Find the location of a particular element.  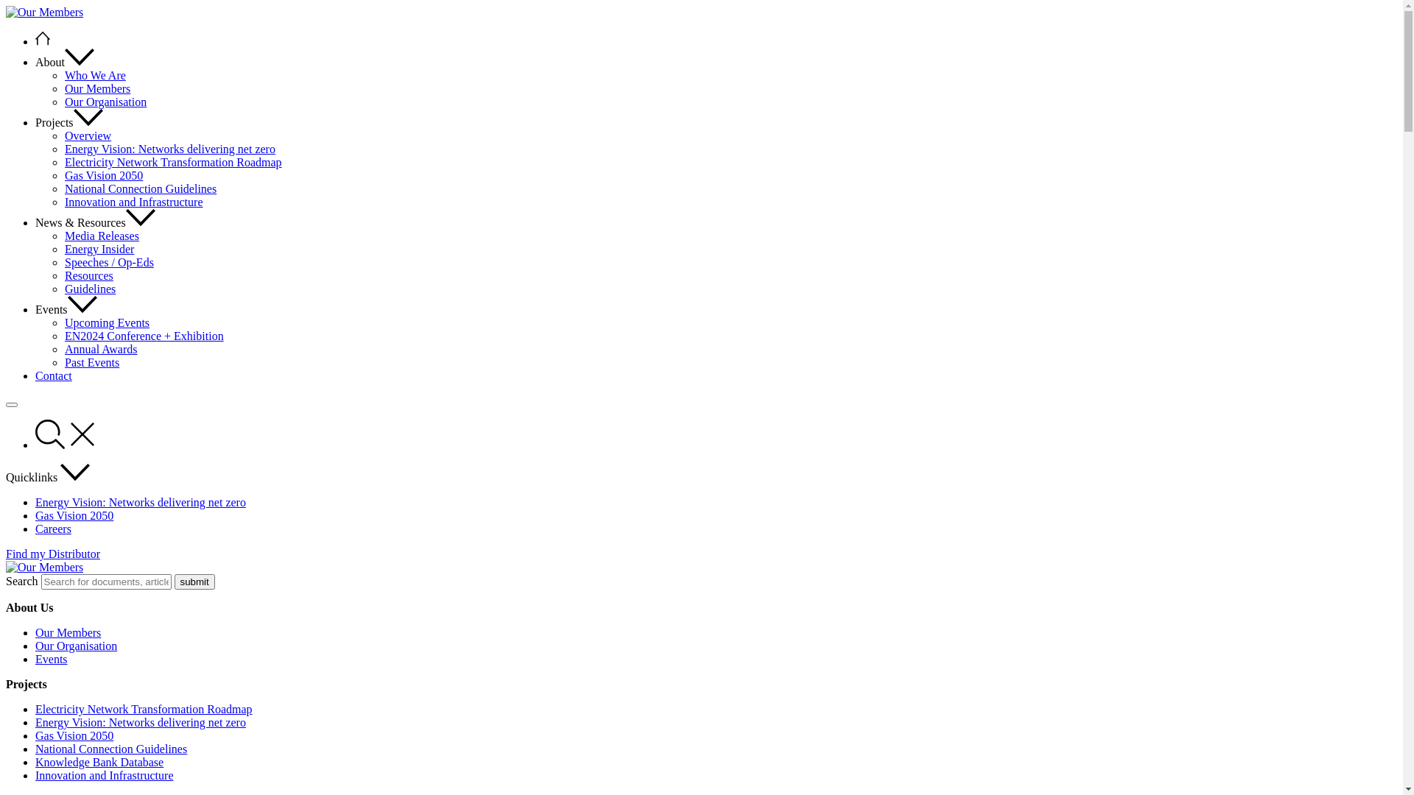

'Past Events' is located at coordinates (91, 362).